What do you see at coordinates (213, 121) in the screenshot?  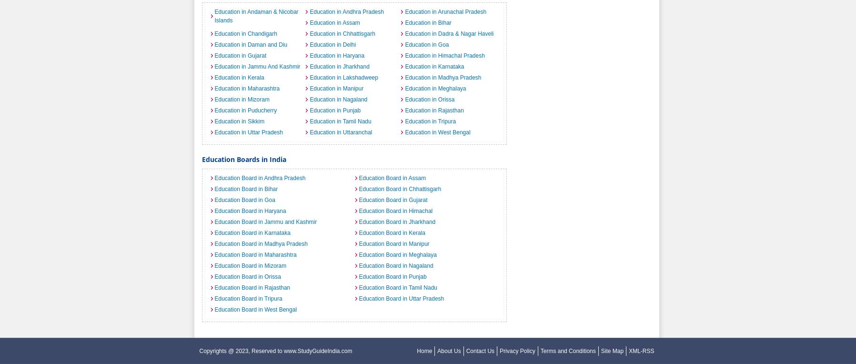 I see `'Education in Sikkim'` at bounding box center [213, 121].